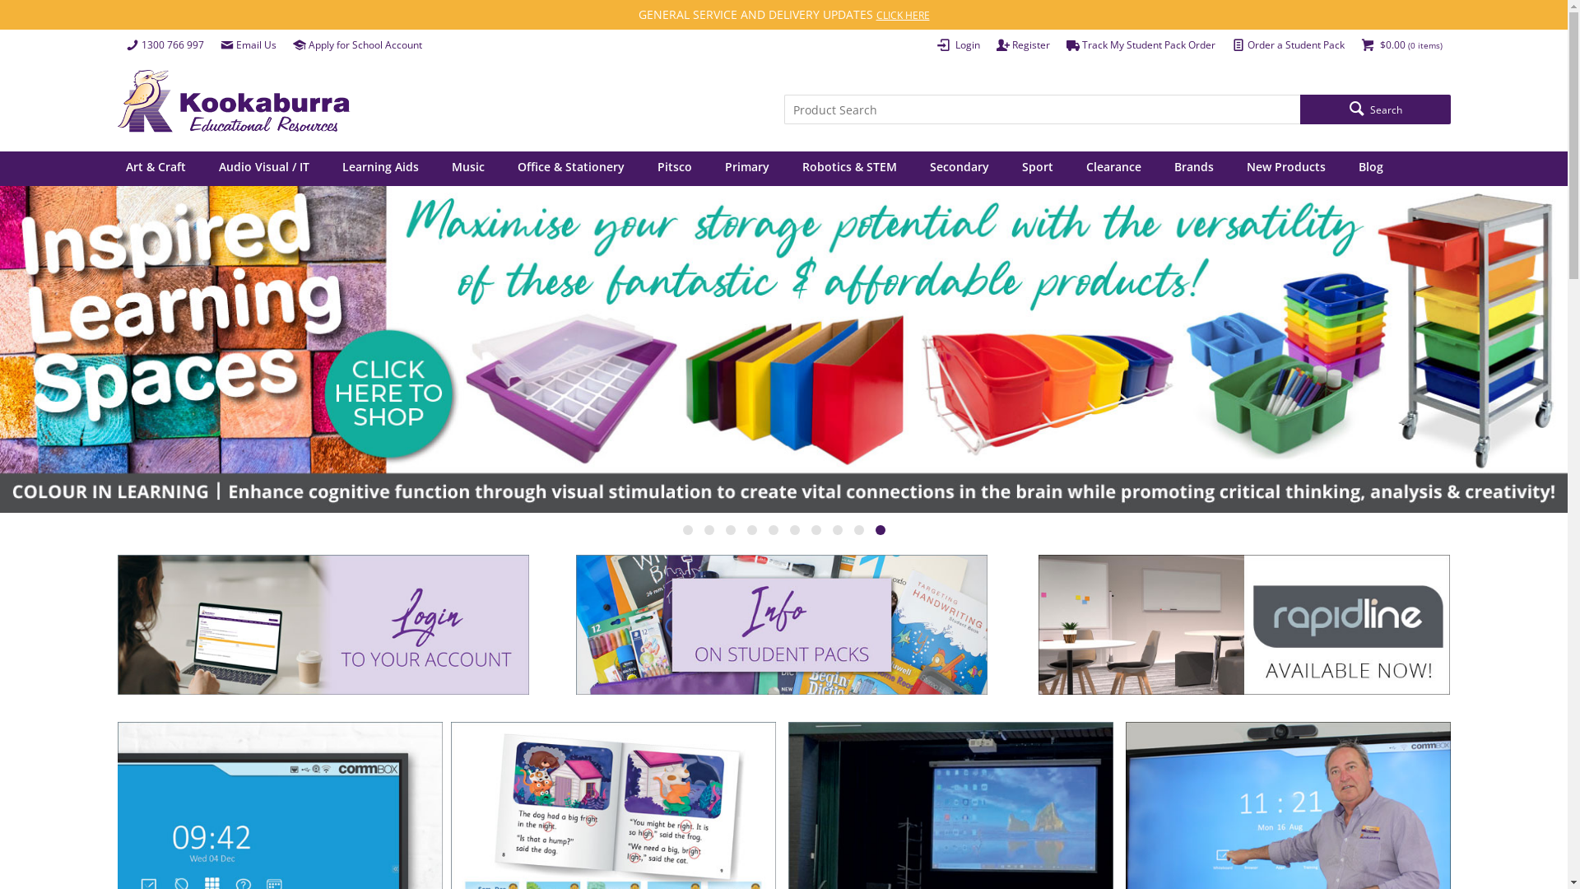 Image resolution: width=1580 pixels, height=889 pixels. Describe the element at coordinates (571, 168) in the screenshot. I see `'Office & Stationery'` at that location.